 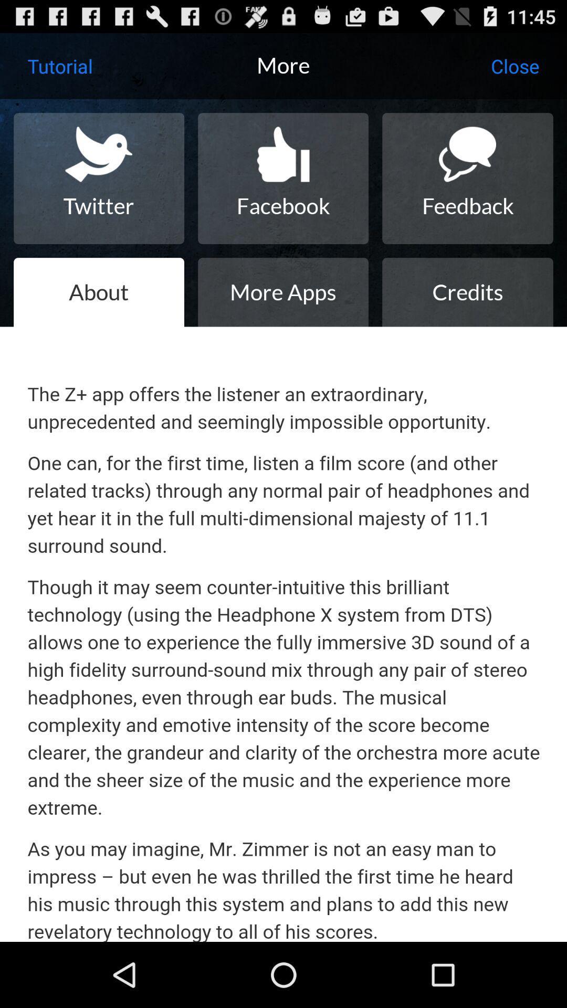 I want to click on the item to the left of credits icon, so click(x=282, y=292).